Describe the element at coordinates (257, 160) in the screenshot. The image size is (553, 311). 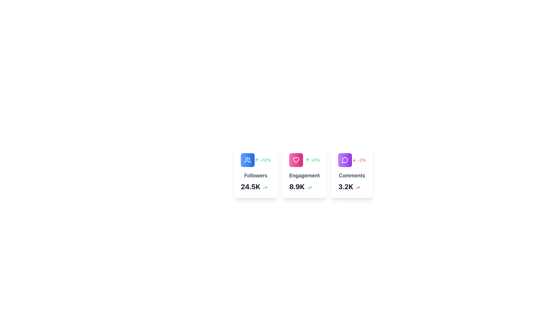
I see `the small upward green arrow icon located in the 'Followers' metrics panel, which indicates a positive trend and is positioned to the left of the '+12%' text` at that location.